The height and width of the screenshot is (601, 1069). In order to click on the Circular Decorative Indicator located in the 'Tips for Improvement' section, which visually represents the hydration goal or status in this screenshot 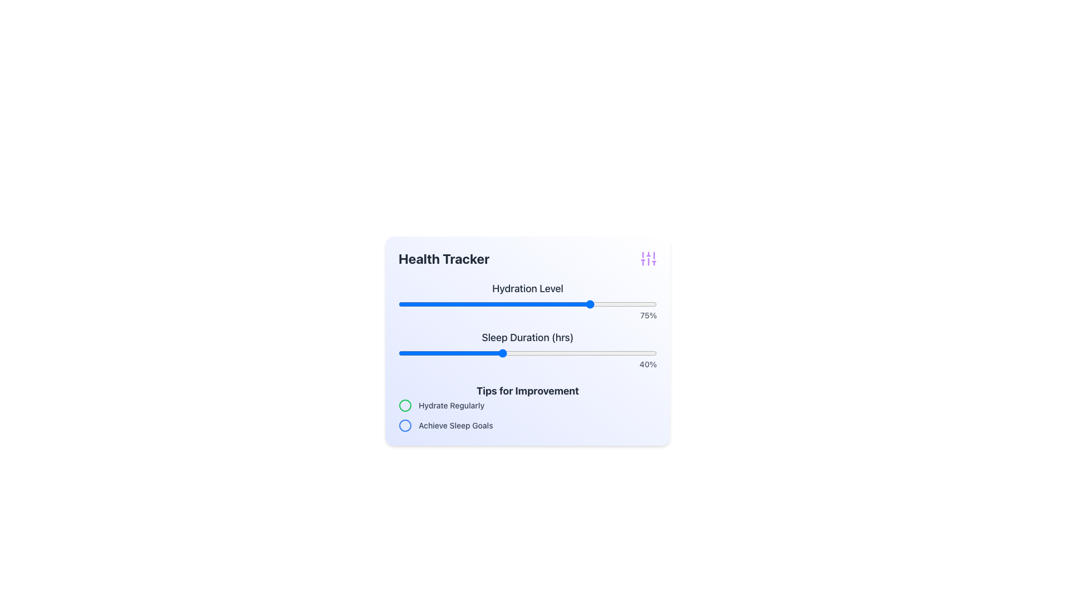, I will do `click(405, 406)`.